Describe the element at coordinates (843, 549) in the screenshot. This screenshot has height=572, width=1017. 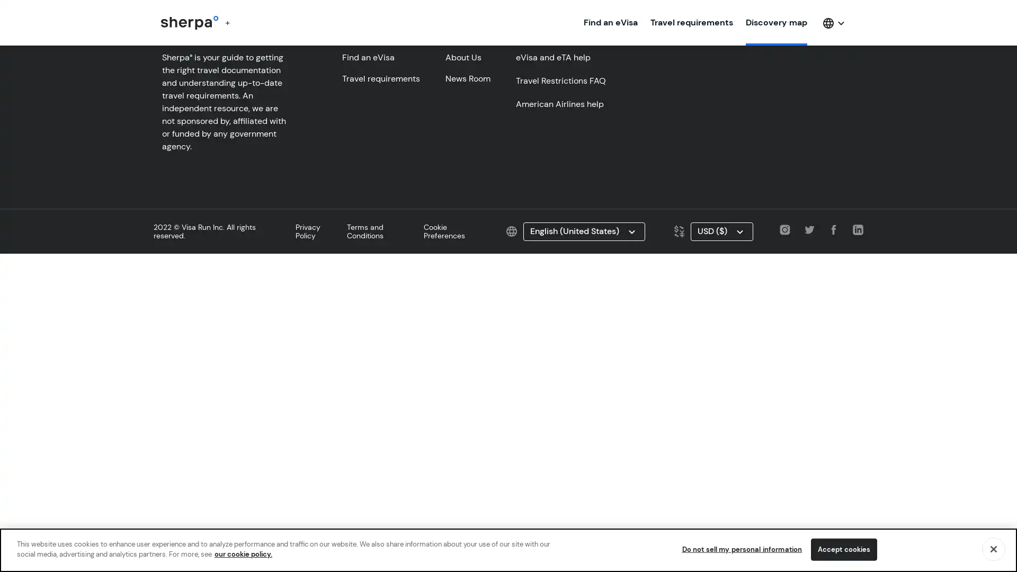
I see `Accept cookies` at that location.